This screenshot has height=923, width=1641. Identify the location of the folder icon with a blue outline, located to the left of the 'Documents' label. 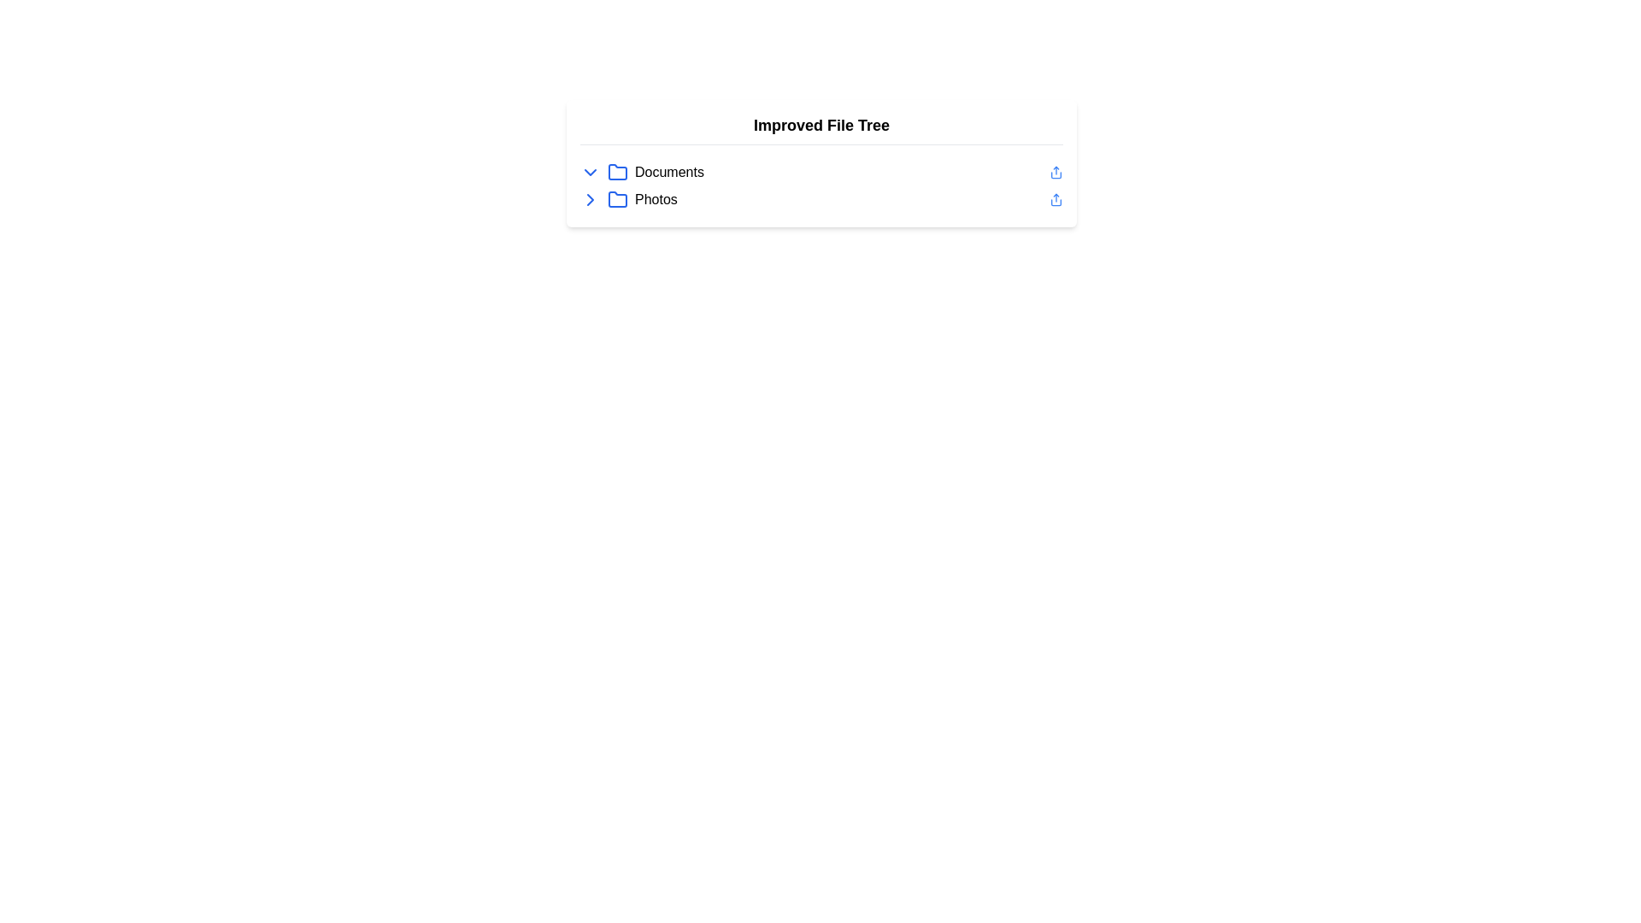
(617, 172).